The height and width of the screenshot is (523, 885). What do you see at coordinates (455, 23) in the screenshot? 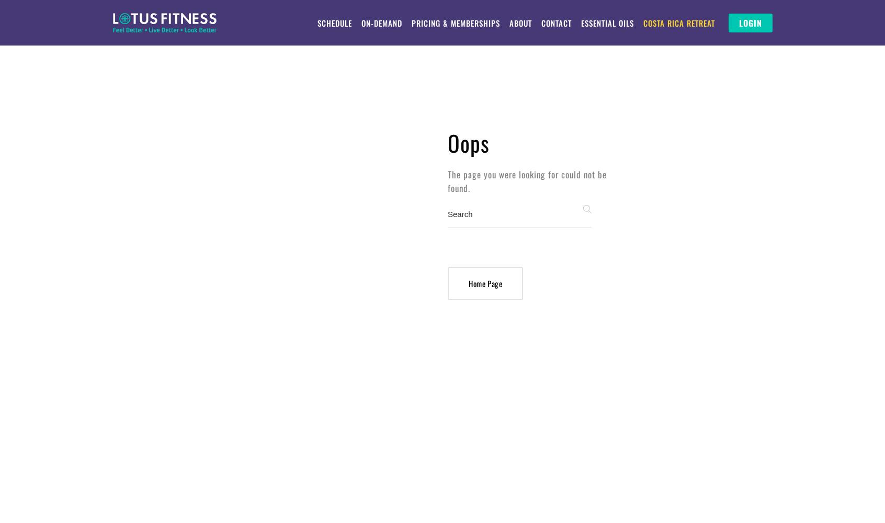
I see `'PRICING & MEMBERSHIPS'` at bounding box center [455, 23].